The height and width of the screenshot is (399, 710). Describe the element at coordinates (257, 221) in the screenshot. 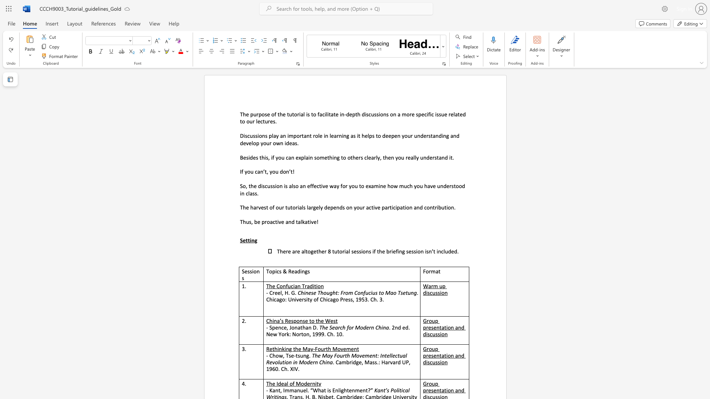

I see `the space between the continuous character "b" and "e" in the text` at that location.